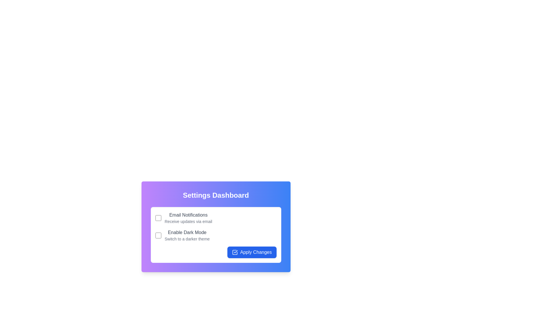 The image size is (559, 314). What do you see at coordinates (187, 232) in the screenshot?
I see `the descriptive label text for the dark mode feature, which is centrally aligned within the settings panel and positioned between the 'Email Notifications' checkbox and the 'Switch to a darker theme' text` at bounding box center [187, 232].